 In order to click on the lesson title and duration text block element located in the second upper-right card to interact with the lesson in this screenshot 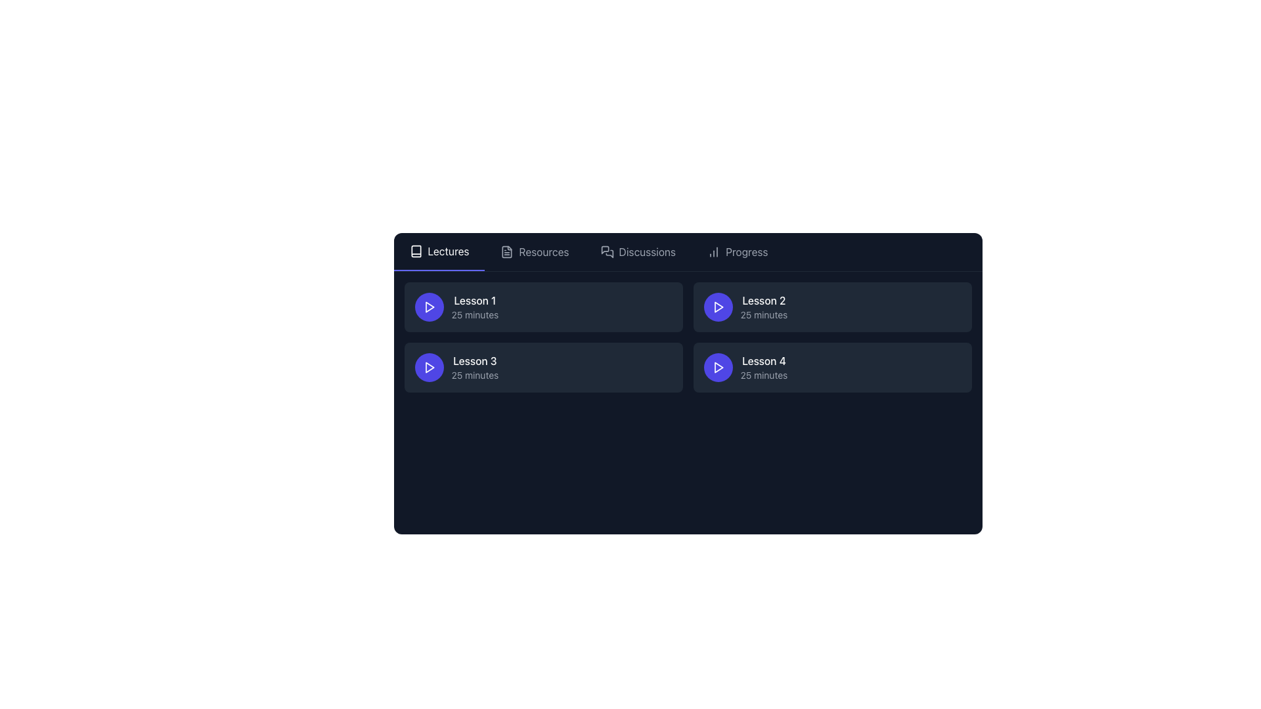, I will do `click(764, 307)`.